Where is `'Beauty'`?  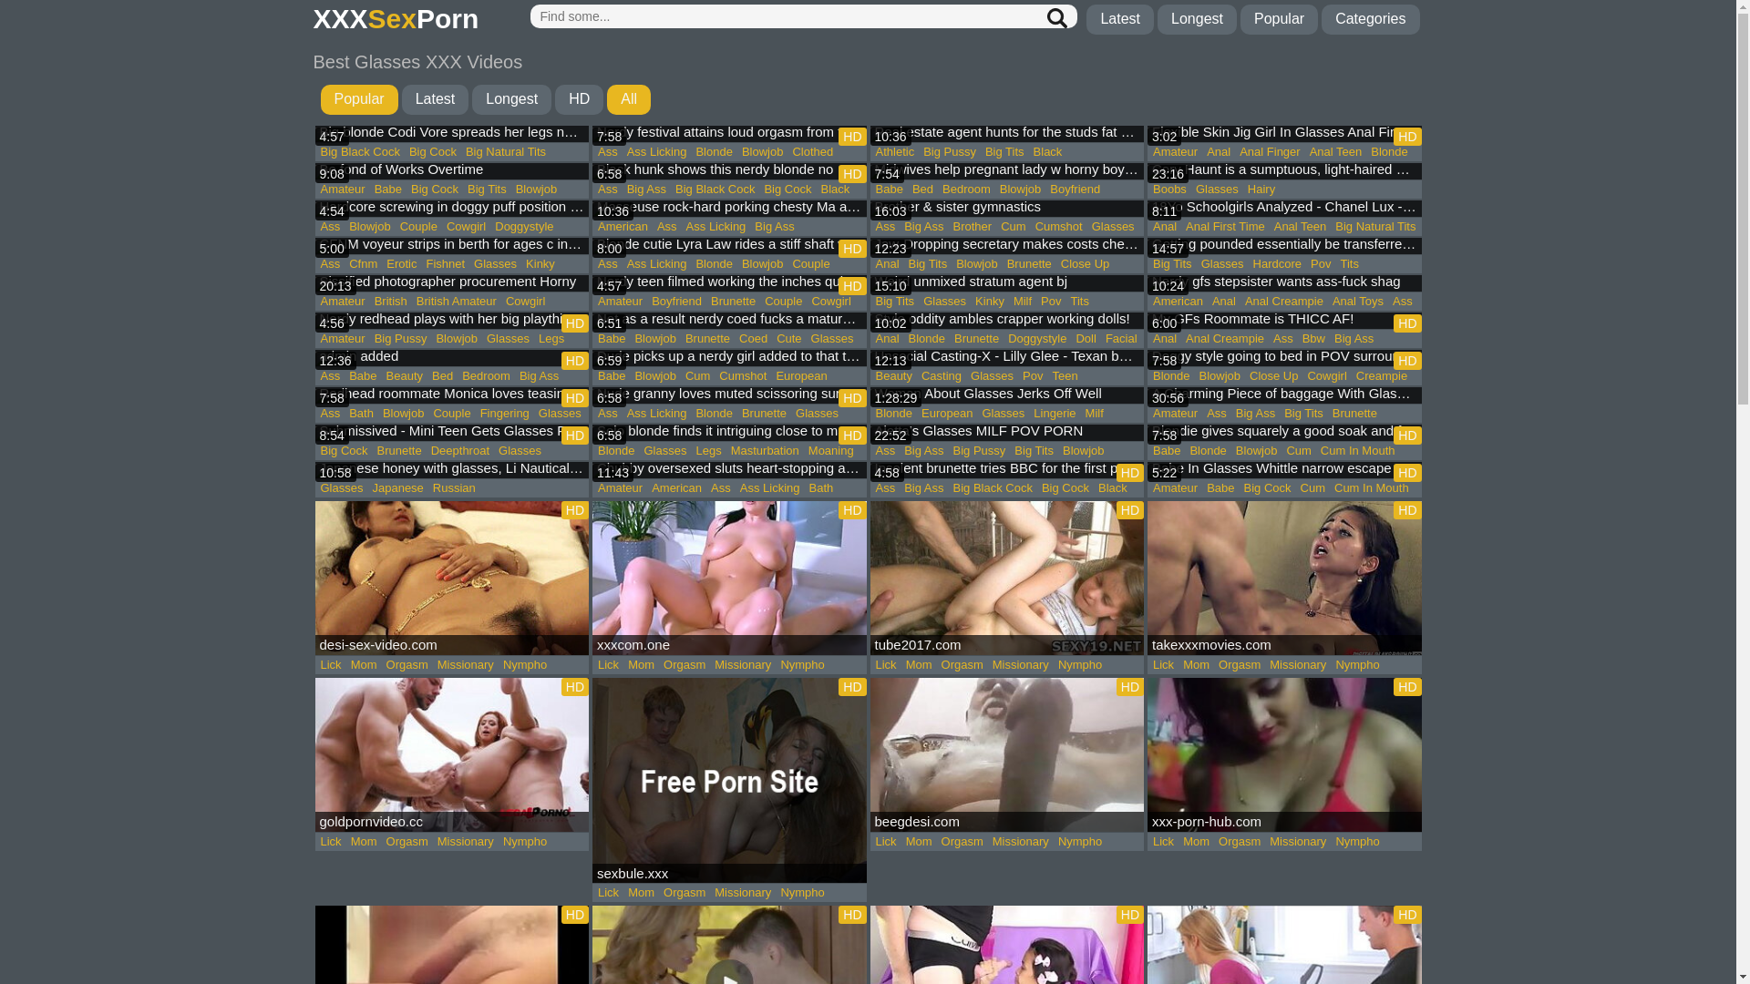
'Beauty' is located at coordinates (893, 374).